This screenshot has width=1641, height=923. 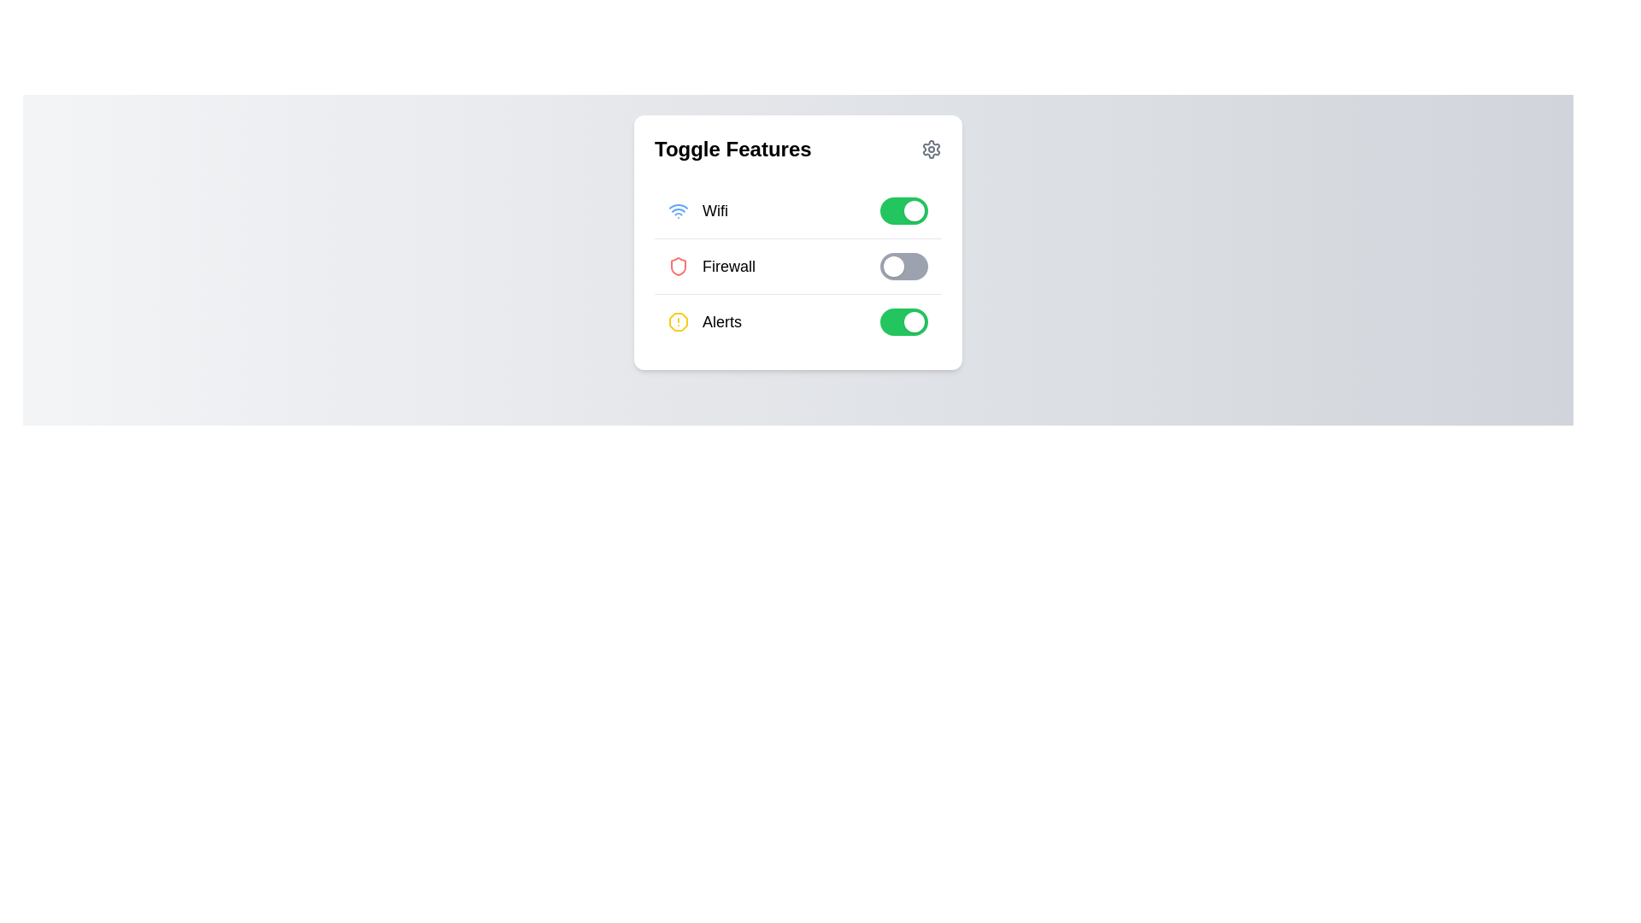 I want to click on the settings icon button located in the top-right corner of the 'Toggle Features' card, so click(x=930, y=148).